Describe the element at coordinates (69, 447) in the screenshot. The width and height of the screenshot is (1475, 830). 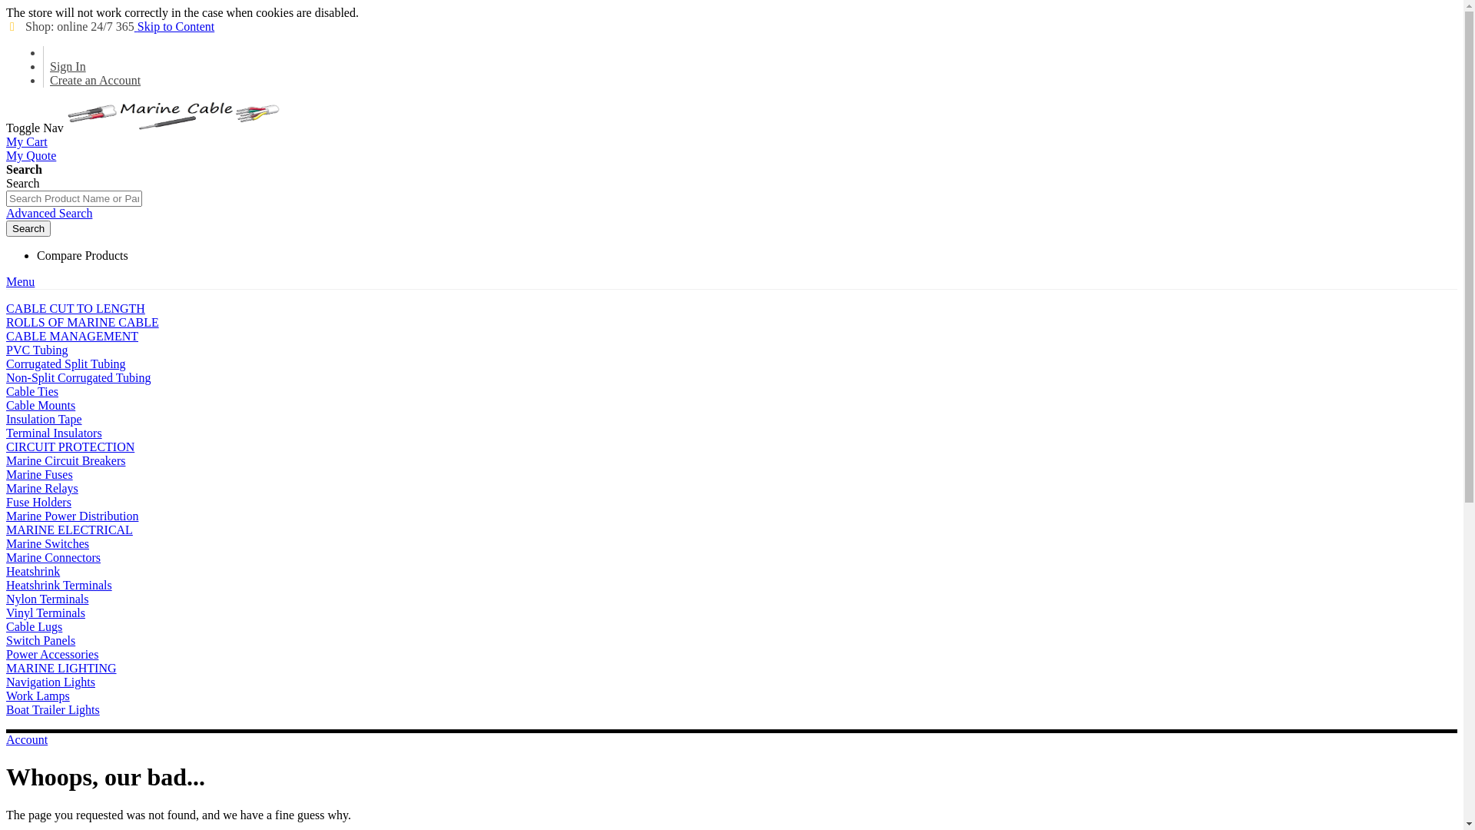
I see `'CIRCUIT PROTECTION'` at that location.